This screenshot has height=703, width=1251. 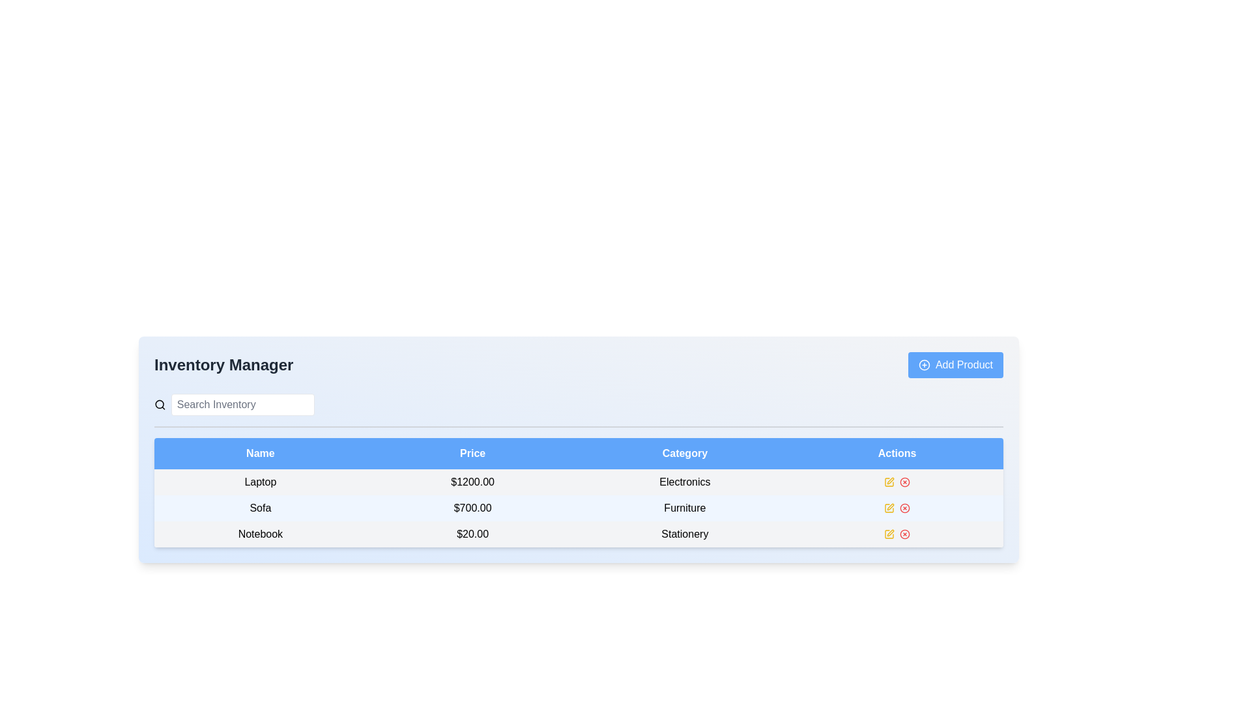 What do you see at coordinates (889, 507) in the screenshot?
I see `the leftmost icon in the 'Actions' column of the second row` at bounding box center [889, 507].